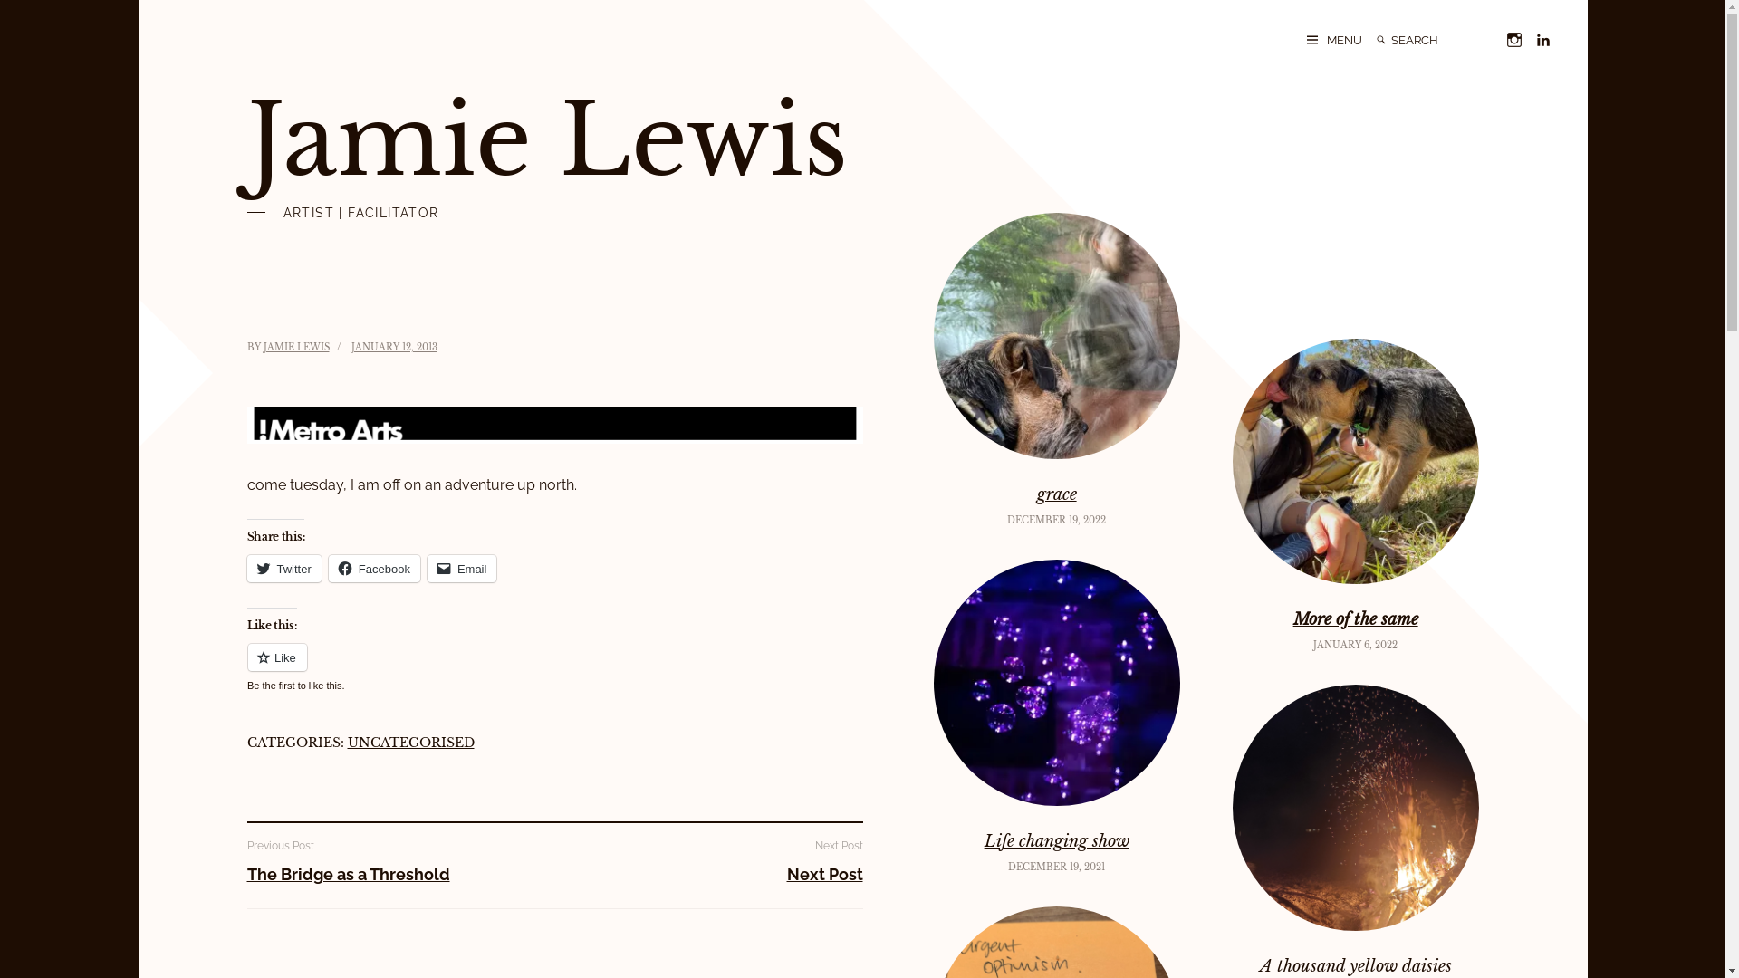 Image resolution: width=1739 pixels, height=978 pixels. Describe the element at coordinates (1056, 841) in the screenshot. I see `'Life changing show'` at that location.